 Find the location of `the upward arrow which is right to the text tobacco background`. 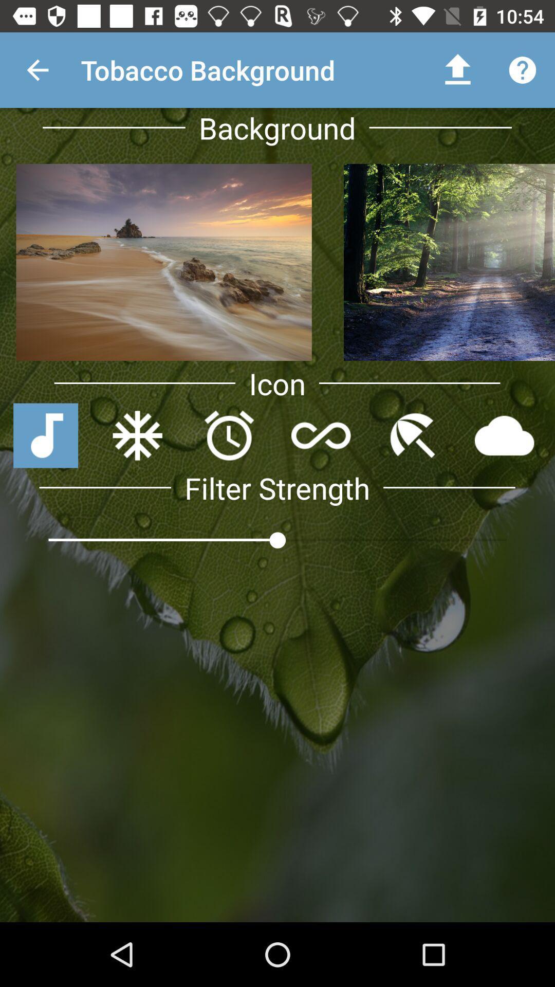

the upward arrow which is right to the text tobacco background is located at coordinates (457, 70).